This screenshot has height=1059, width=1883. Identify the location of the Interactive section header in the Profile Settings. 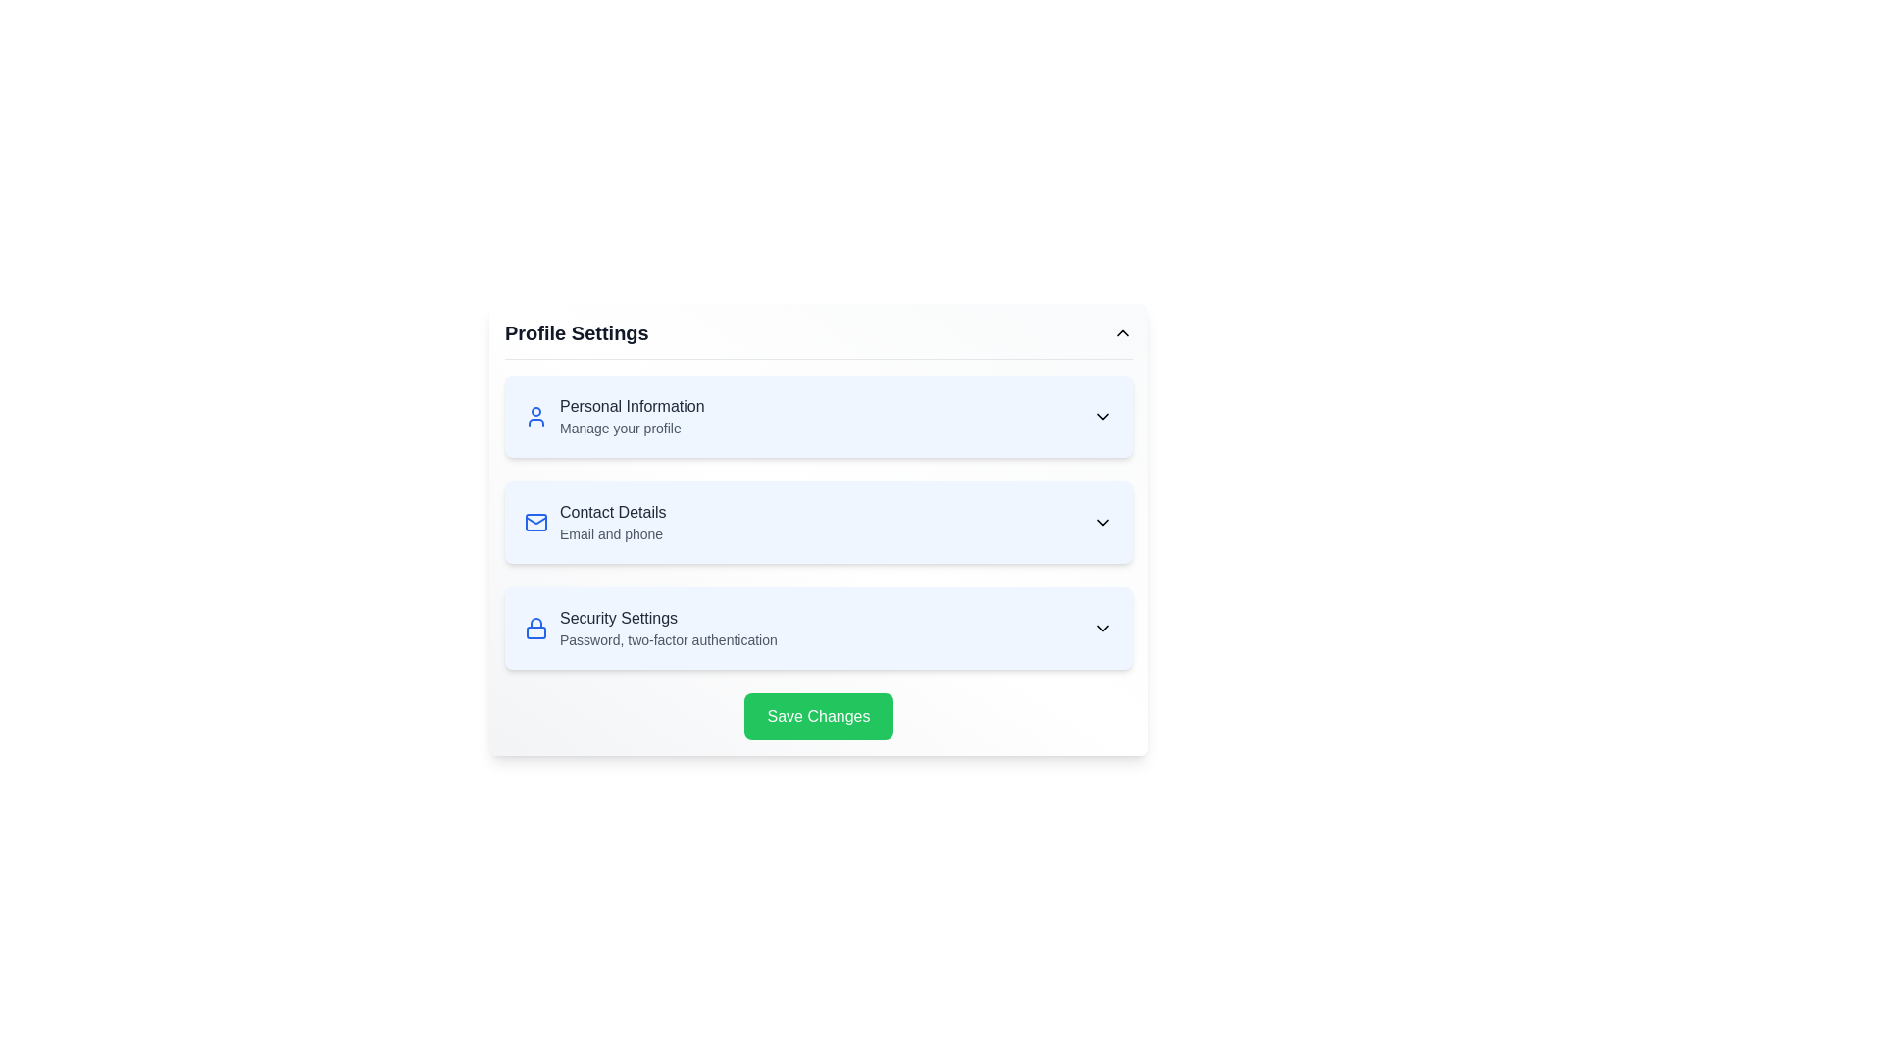
(650, 628).